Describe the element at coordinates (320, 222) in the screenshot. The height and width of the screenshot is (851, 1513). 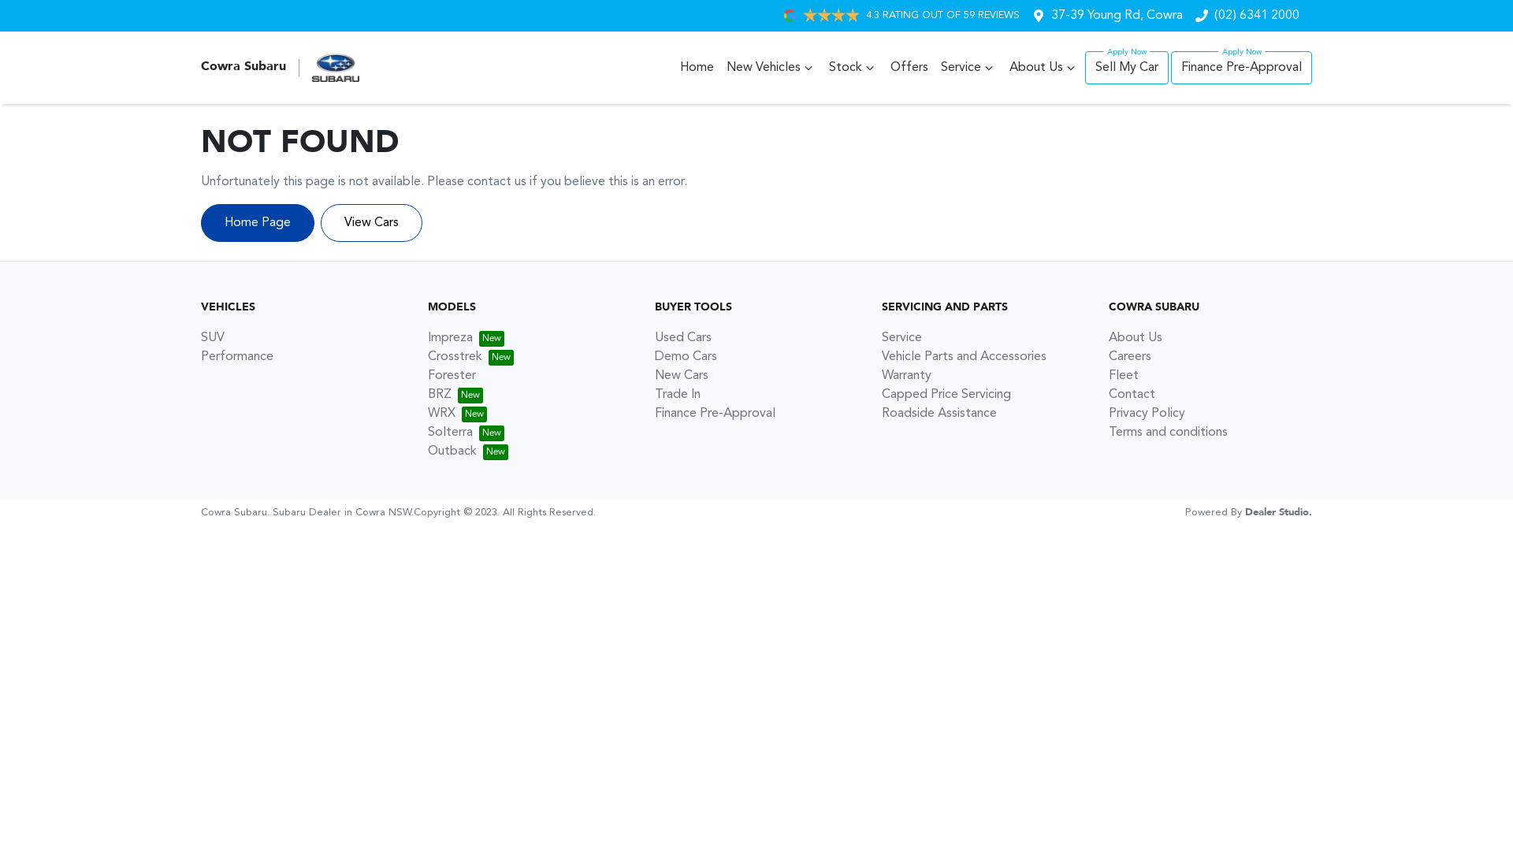
I see `'View Cars'` at that location.